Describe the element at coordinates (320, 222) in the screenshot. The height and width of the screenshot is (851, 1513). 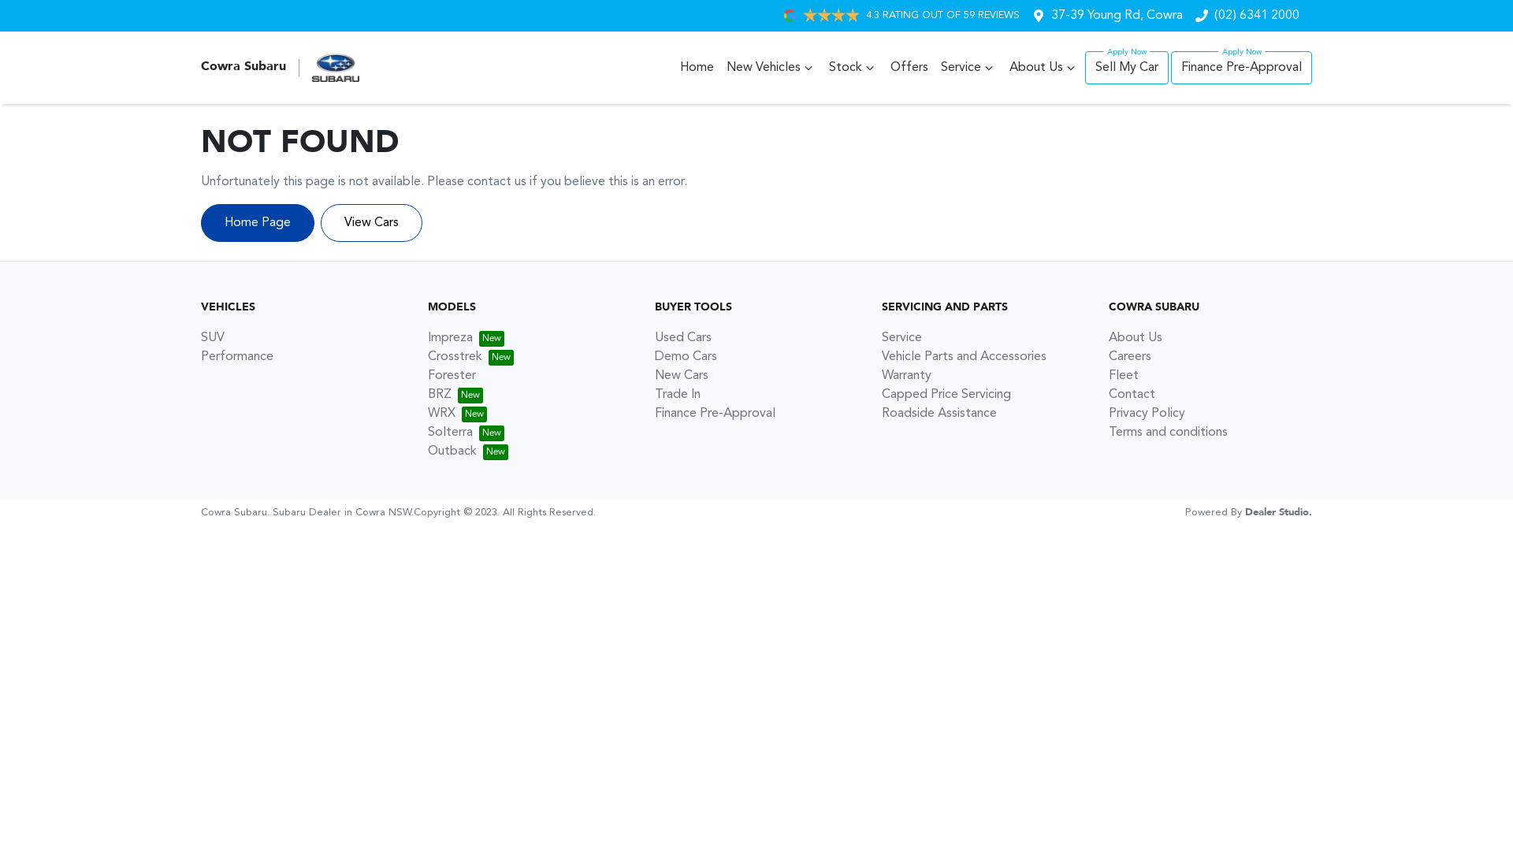
I see `'View Cars'` at that location.